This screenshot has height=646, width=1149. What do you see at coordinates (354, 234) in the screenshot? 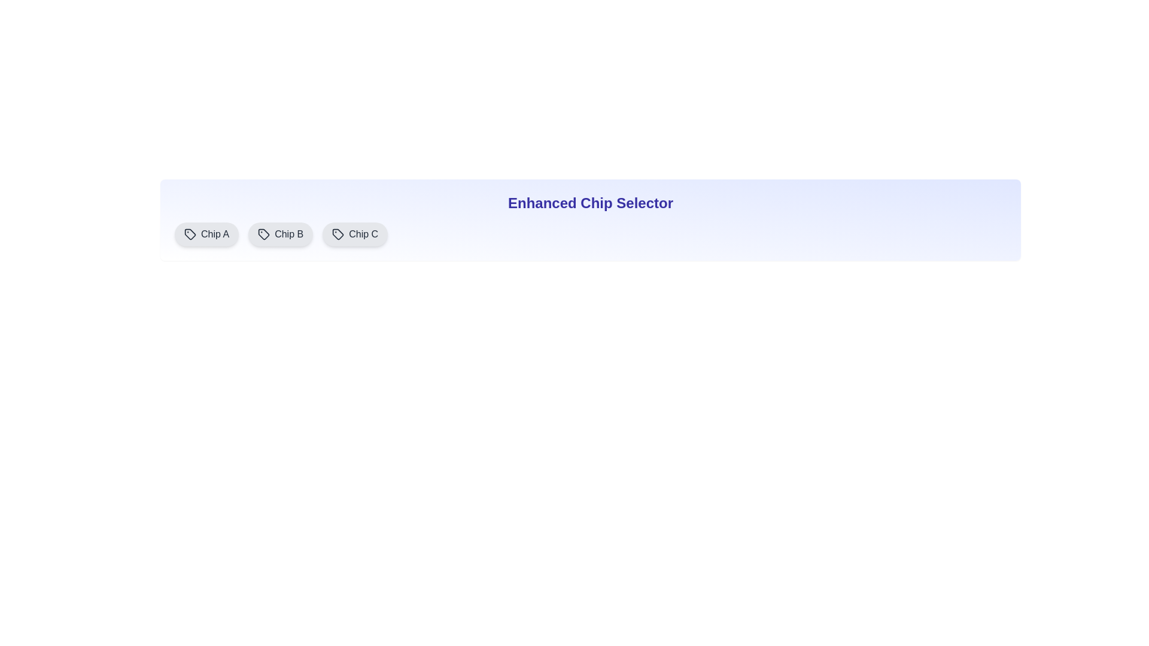
I see `the chip labeled Chip C to display its description` at bounding box center [354, 234].